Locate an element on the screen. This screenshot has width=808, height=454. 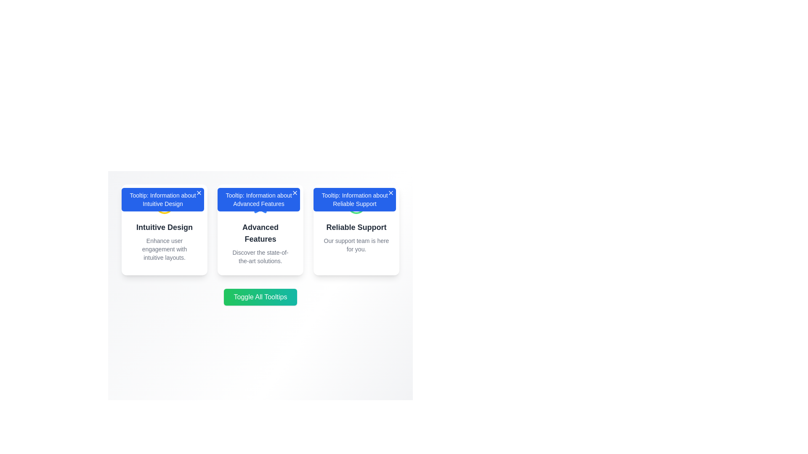
the green-colored circular SVG component that is part of the information symbol in the tooltip above the 'Reliable Support' card is located at coordinates (356, 204).